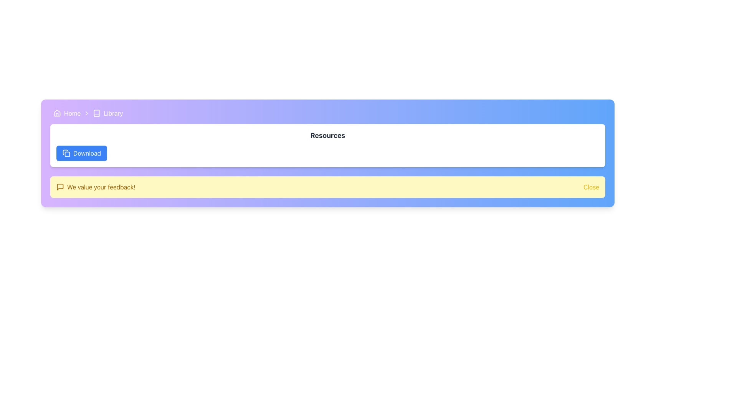 This screenshot has width=737, height=415. Describe the element at coordinates (65, 152) in the screenshot. I see `the small rectangular icon with a geometric design representing a document, located within the 'Download' button, positioned on the left side of the button's content` at that location.